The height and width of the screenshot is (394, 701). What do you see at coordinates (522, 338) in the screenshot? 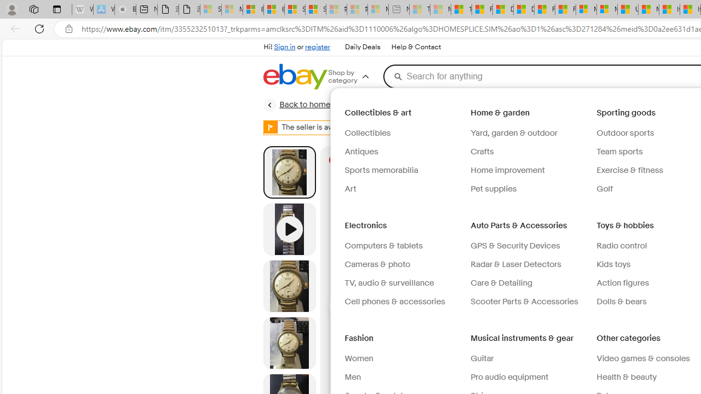
I see `'Musical instruments & gear'` at bounding box center [522, 338].